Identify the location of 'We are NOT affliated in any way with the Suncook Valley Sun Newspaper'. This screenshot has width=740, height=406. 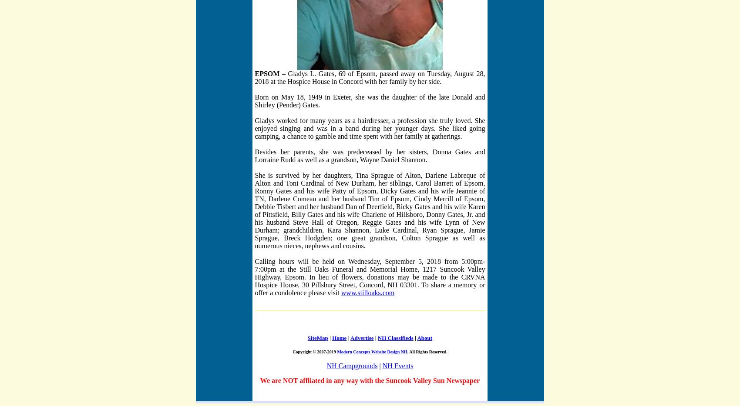
(259, 379).